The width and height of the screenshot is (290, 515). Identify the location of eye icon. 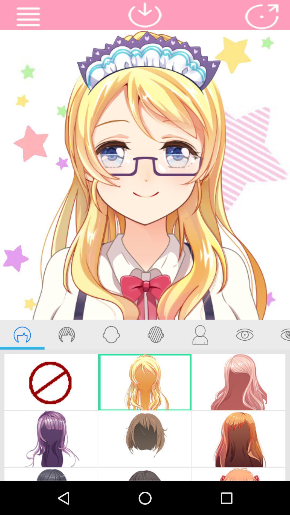
(245, 334).